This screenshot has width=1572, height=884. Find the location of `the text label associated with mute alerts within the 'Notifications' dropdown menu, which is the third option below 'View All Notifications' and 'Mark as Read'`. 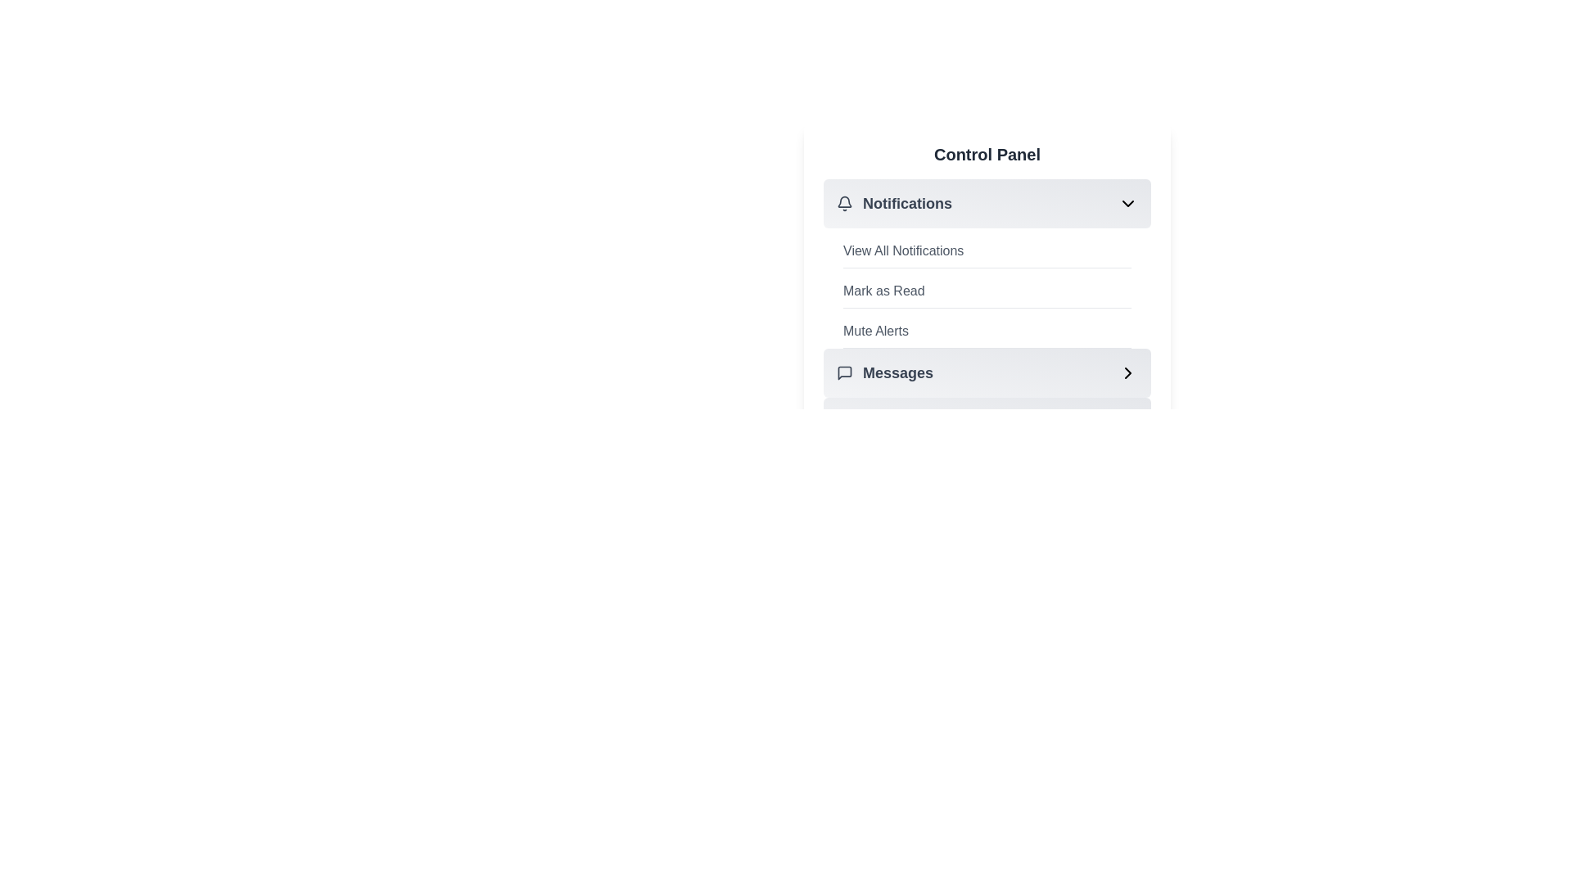

the text label associated with mute alerts within the 'Notifications' dropdown menu, which is the third option below 'View All Notifications' and 'Mark as Read' is located at coordinates (875, 331).